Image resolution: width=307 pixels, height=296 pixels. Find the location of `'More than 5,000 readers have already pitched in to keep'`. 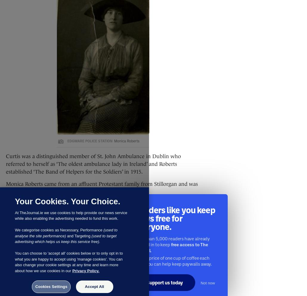

'More than 5,000 readers have already pitched in to keep' is located at coordinates (172, 241).